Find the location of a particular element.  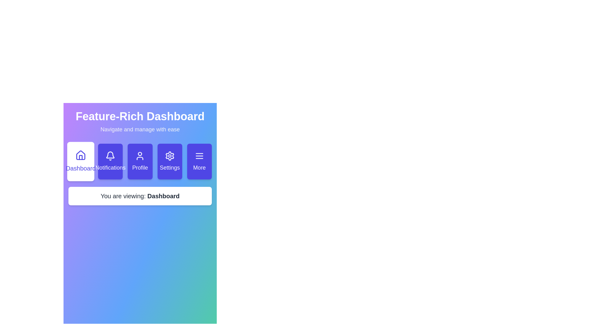

the Home icon in the main navigation bar is located at coordinates (80, 155).